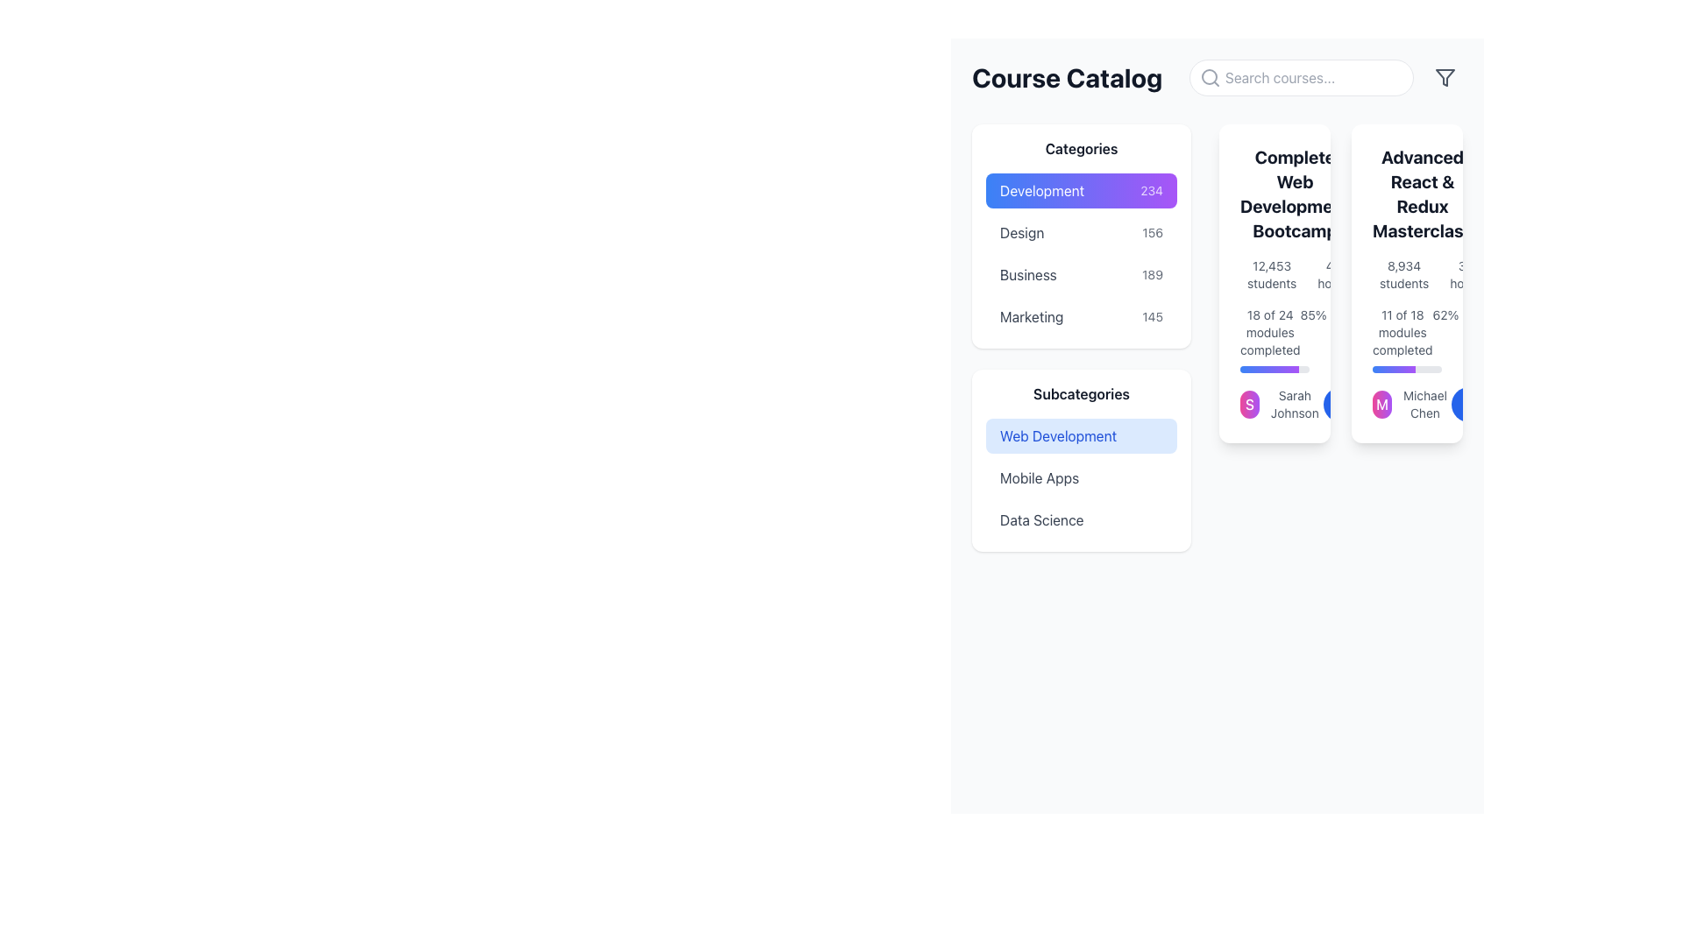 Image resolution: width=1683 pixels, height=946 pixels. I want to click on one of the vertically stacked category buttons in the Vertical List of Interactive Buttons, so click(1080, 253).